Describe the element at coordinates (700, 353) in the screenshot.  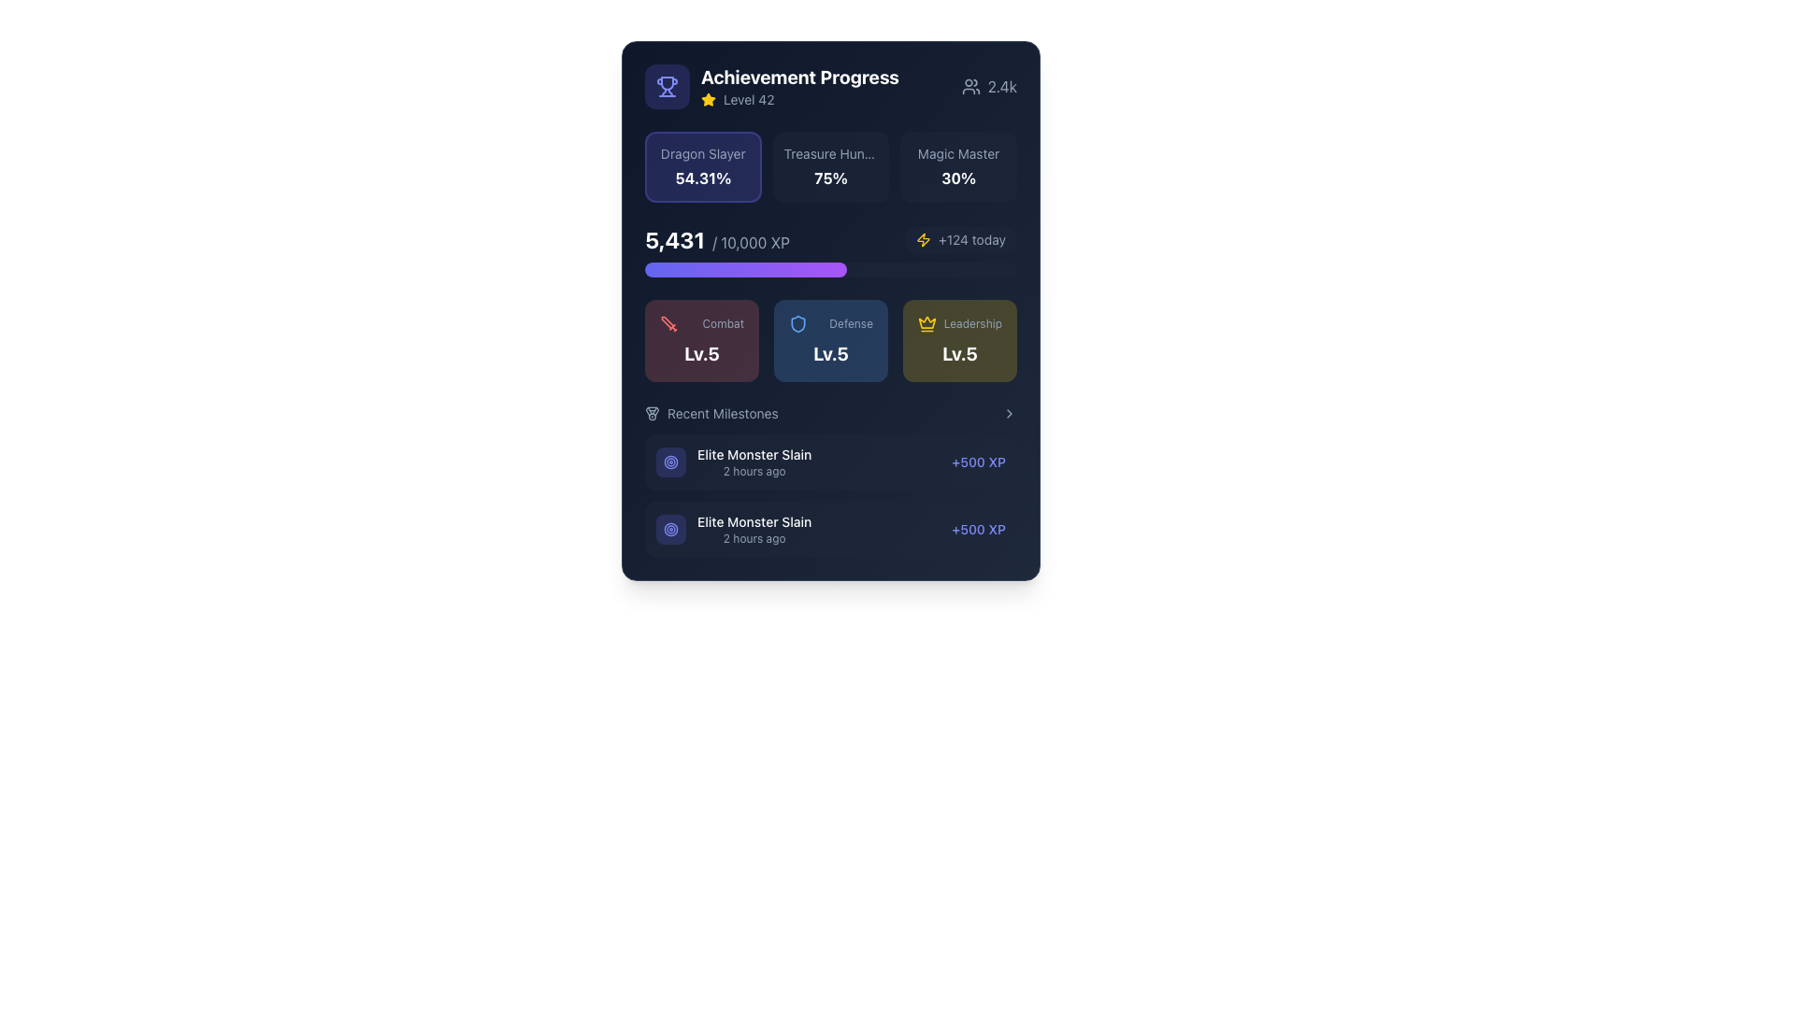
I see `the text label displaying the level of the 'Combat' category, located below the 'Combat' label and sword icon` at that location.